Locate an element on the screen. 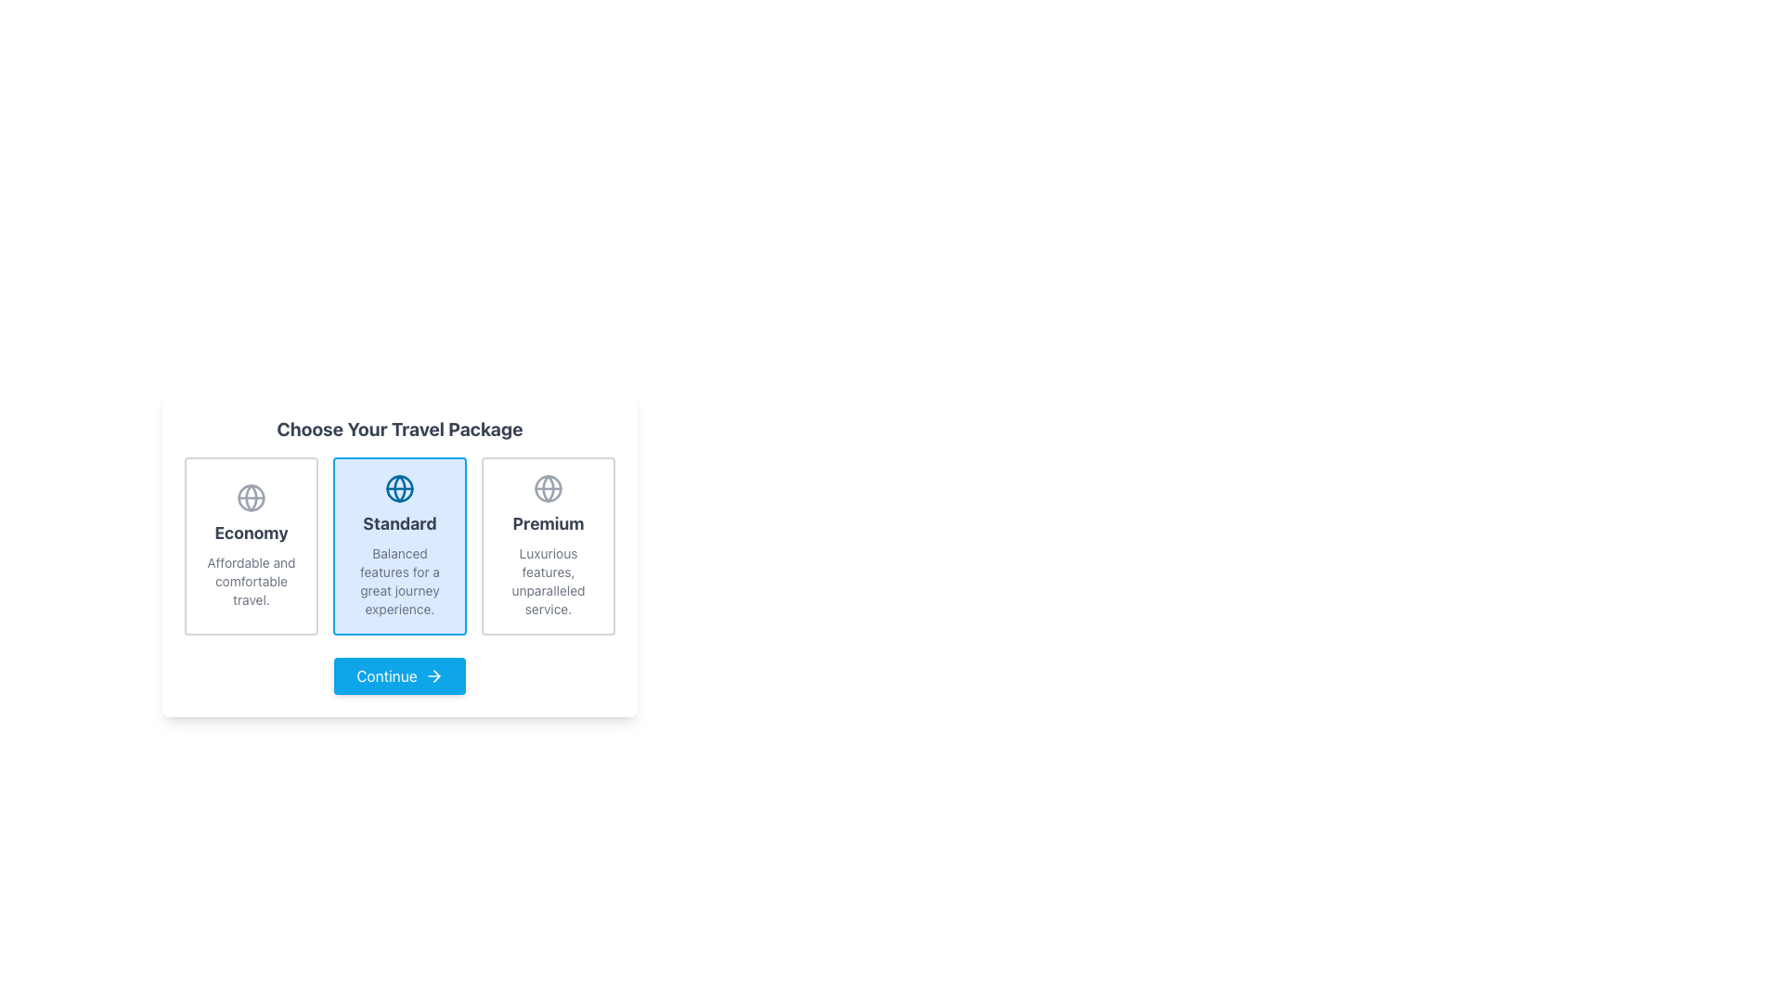 Image resolution: width=1782 pixels, height=1002 pixels. the circular globe icon in the 'Standard' choice card is located at coordinates (547, 488).